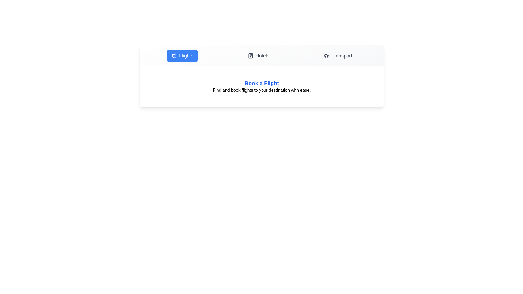  I want to click on the Transport tab by clicking on its button, so click(337, 56).